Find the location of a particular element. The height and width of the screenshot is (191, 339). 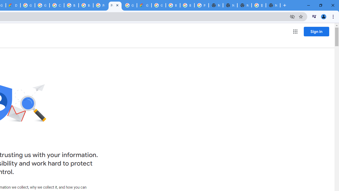

'Control your music, videos, and more' is located at coordinates (314, 16).